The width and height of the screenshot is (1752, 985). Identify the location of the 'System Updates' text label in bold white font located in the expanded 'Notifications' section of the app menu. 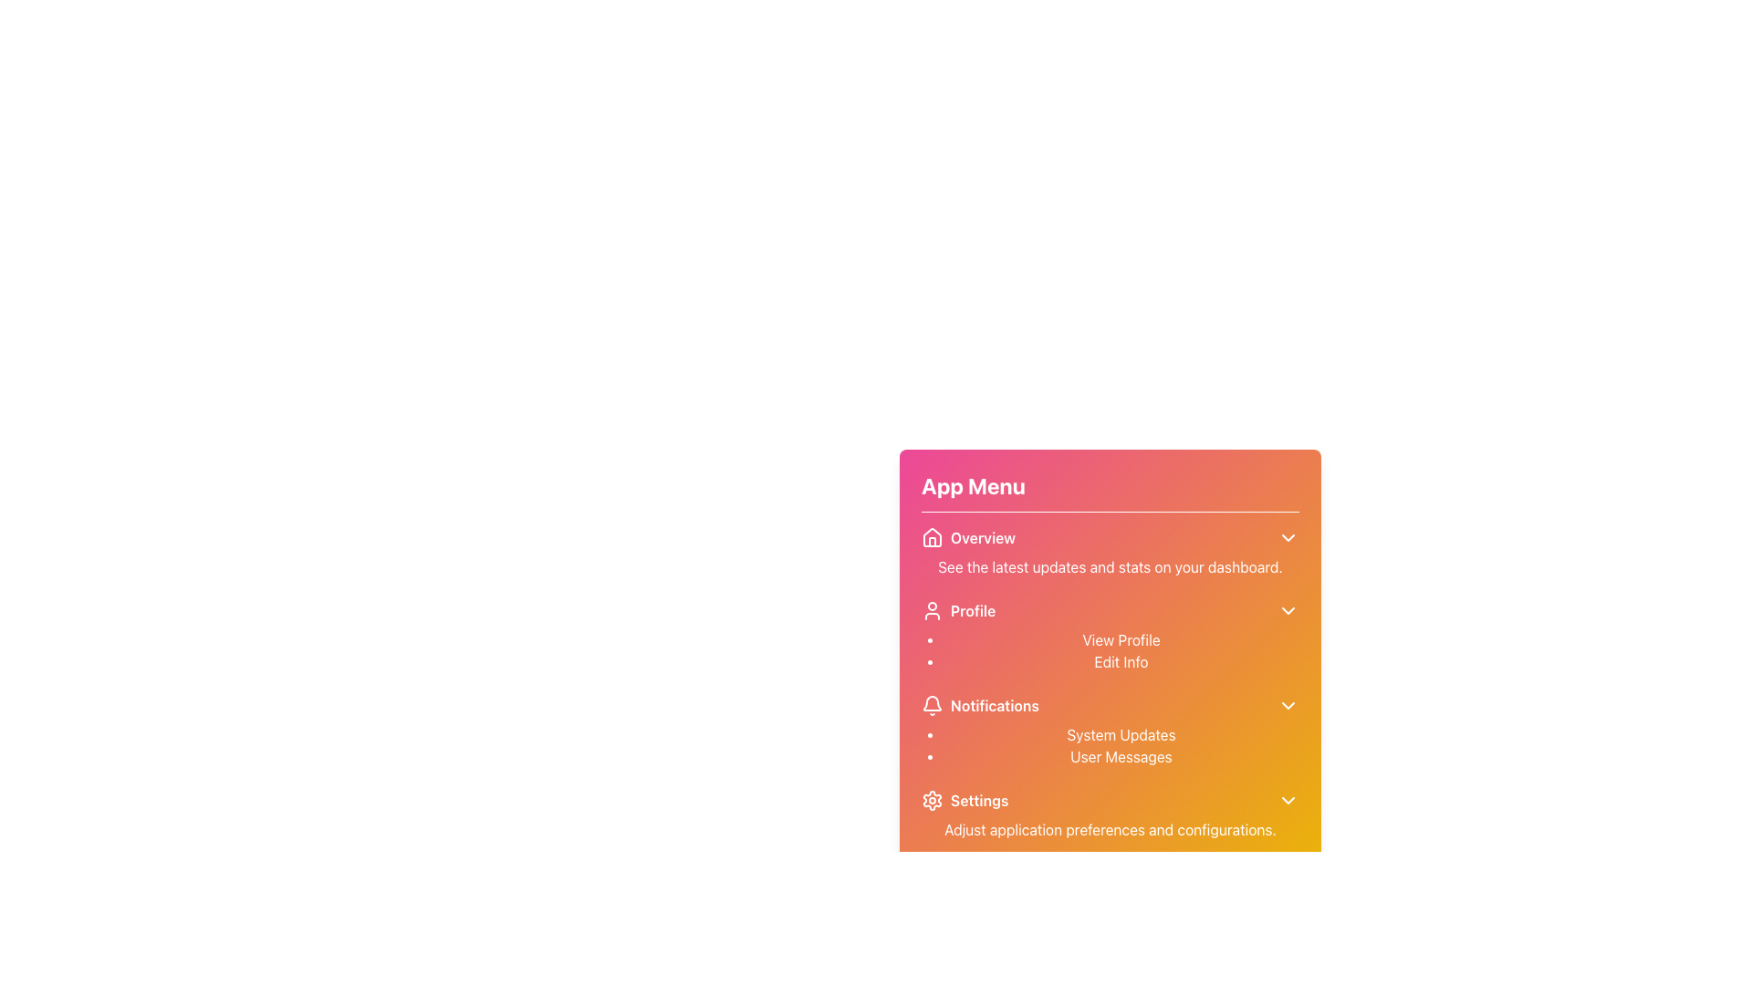
(1120, 734).